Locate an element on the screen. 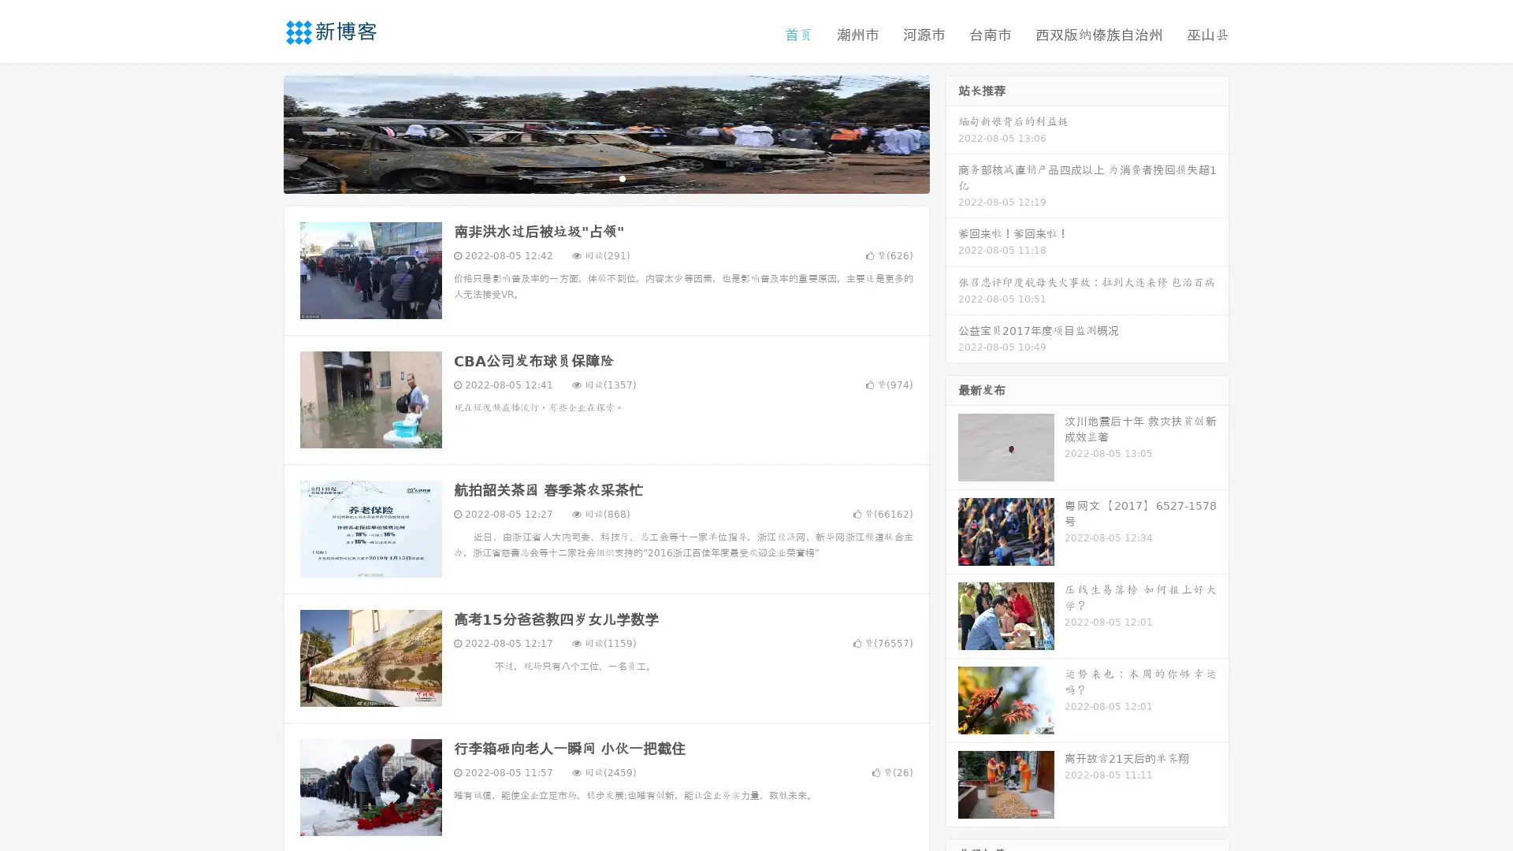  Next slide is located at coordinates (952, 132).